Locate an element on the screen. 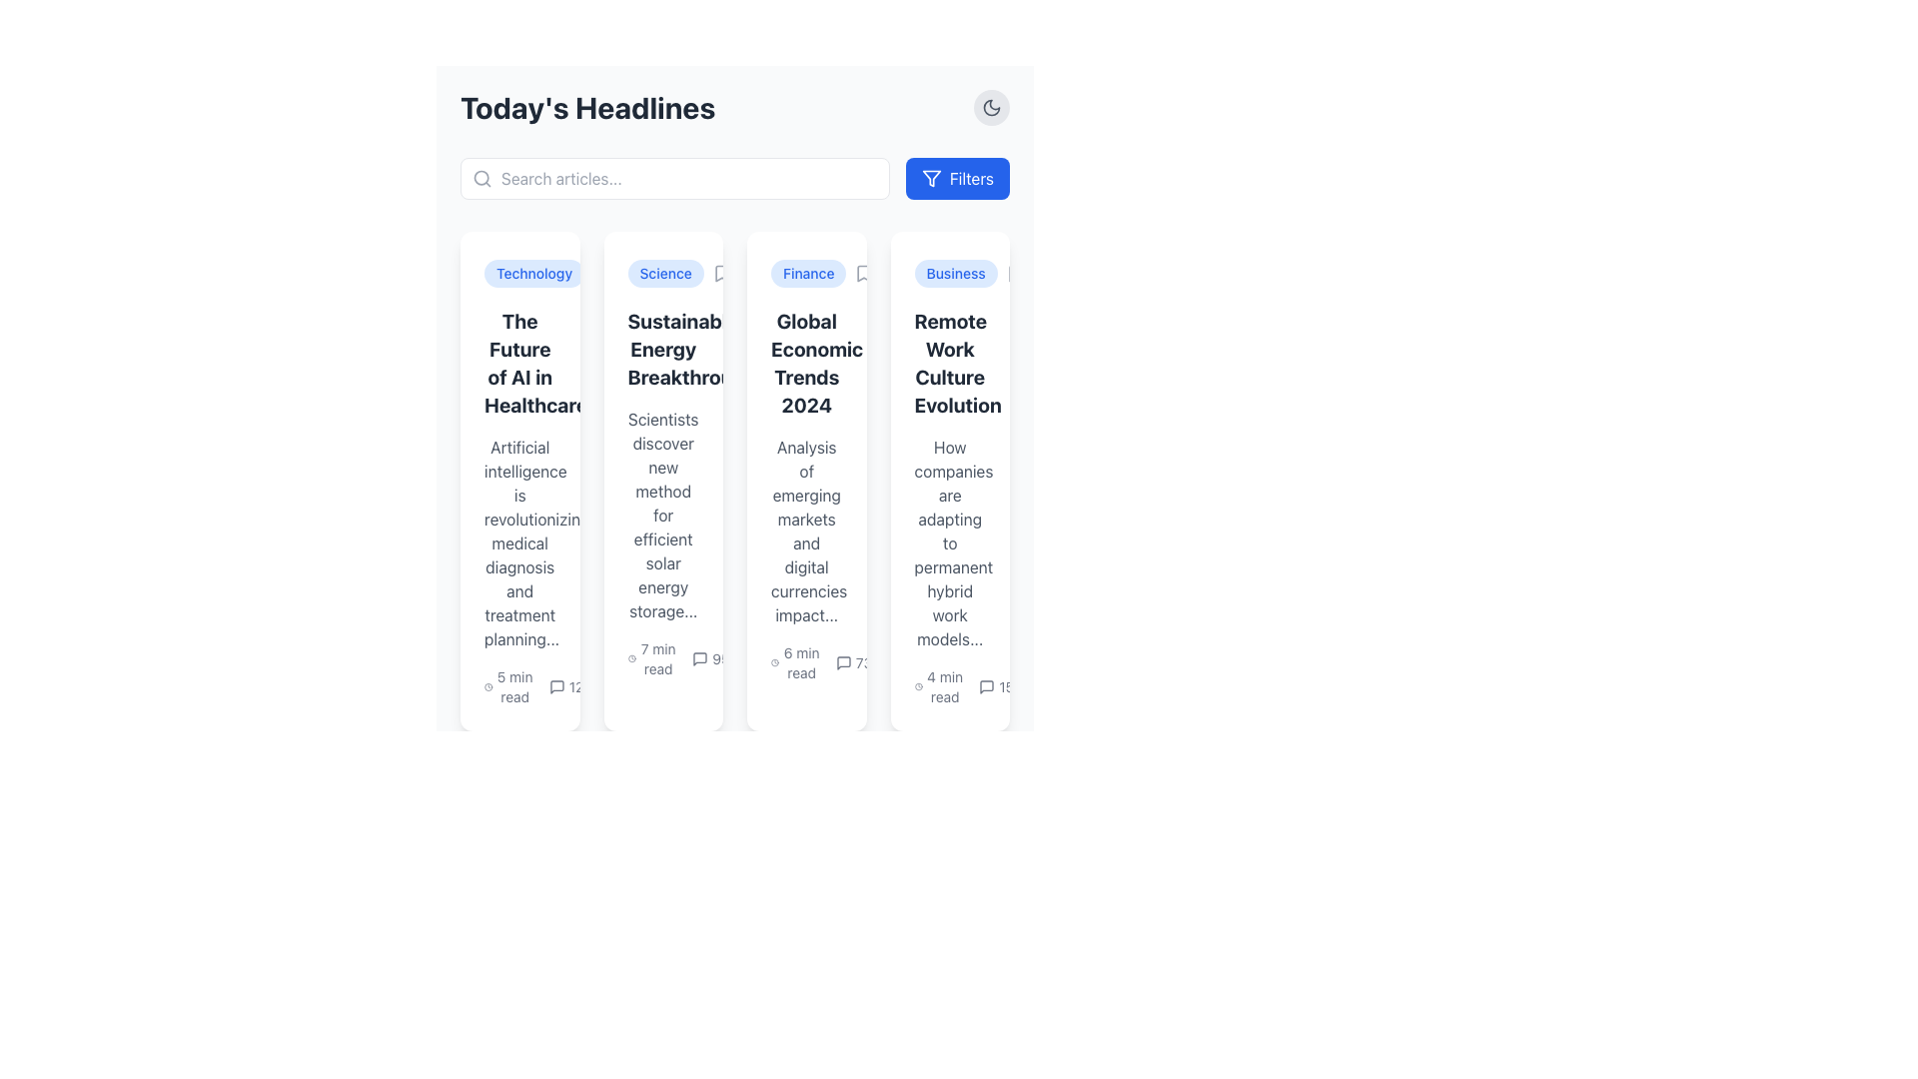  number displayed in the text label showing '128', which is positioned to the right of a speech bubble icon in the lower-right corner of the article card is located at coordinates (569, 685).